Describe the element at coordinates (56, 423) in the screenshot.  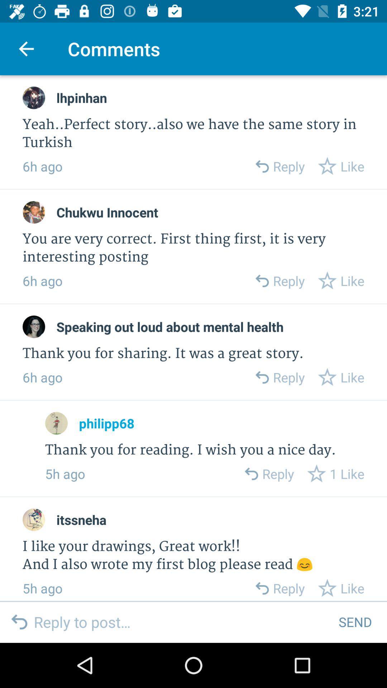
I see `read user 's other posts` at that location.